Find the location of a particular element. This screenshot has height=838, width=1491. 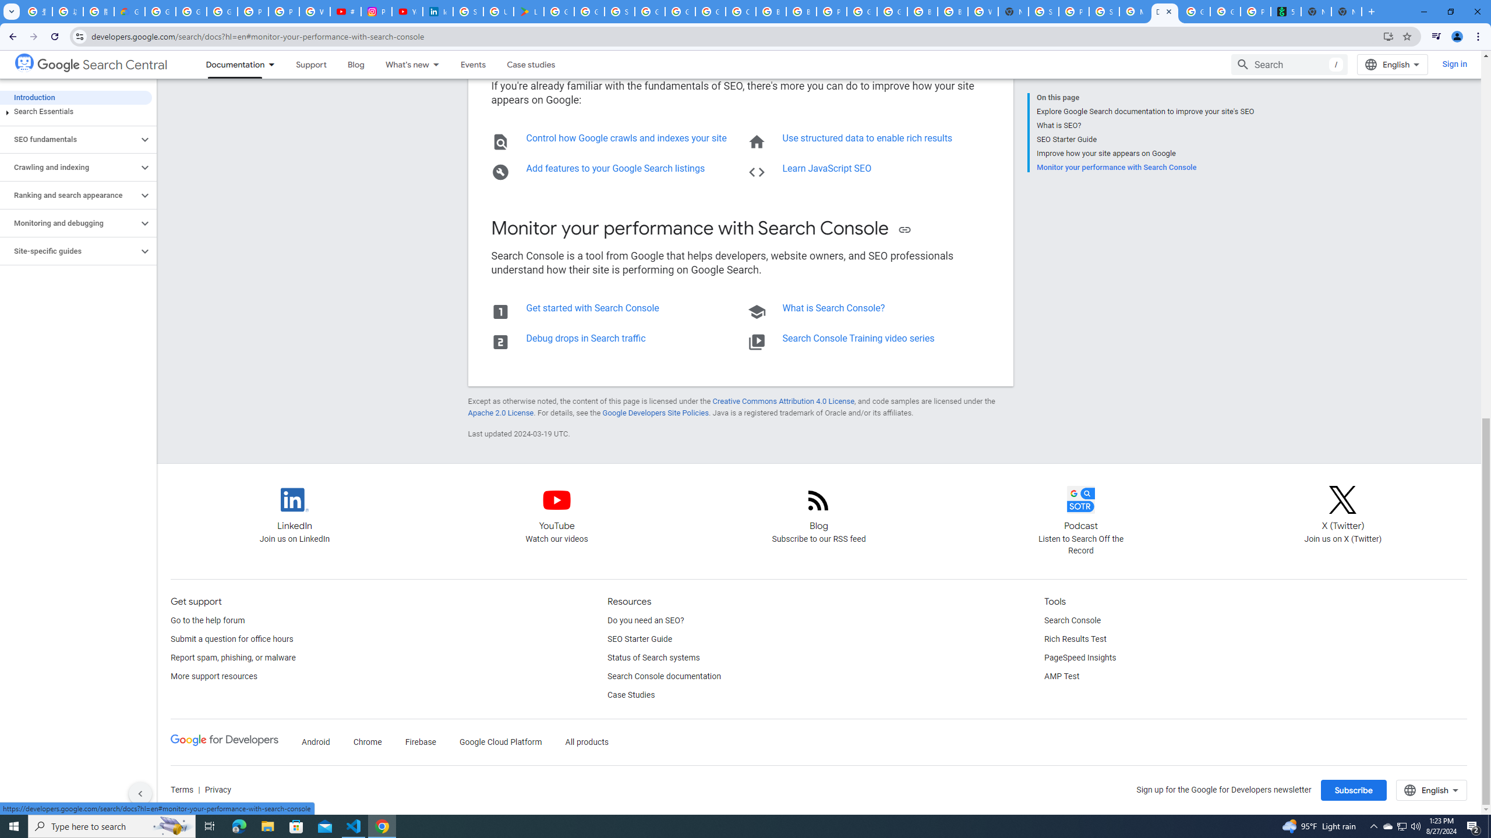

'Subscribe' is located at coordinates (1353, 790).